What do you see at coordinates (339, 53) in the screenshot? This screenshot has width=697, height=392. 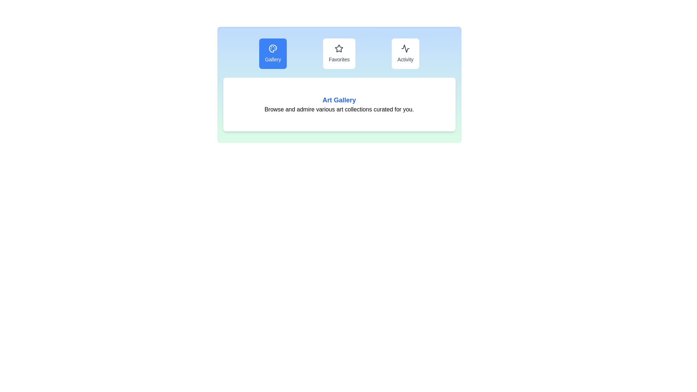 I see `the interactive button labeled Favorites` at bounding box center [339, 53].